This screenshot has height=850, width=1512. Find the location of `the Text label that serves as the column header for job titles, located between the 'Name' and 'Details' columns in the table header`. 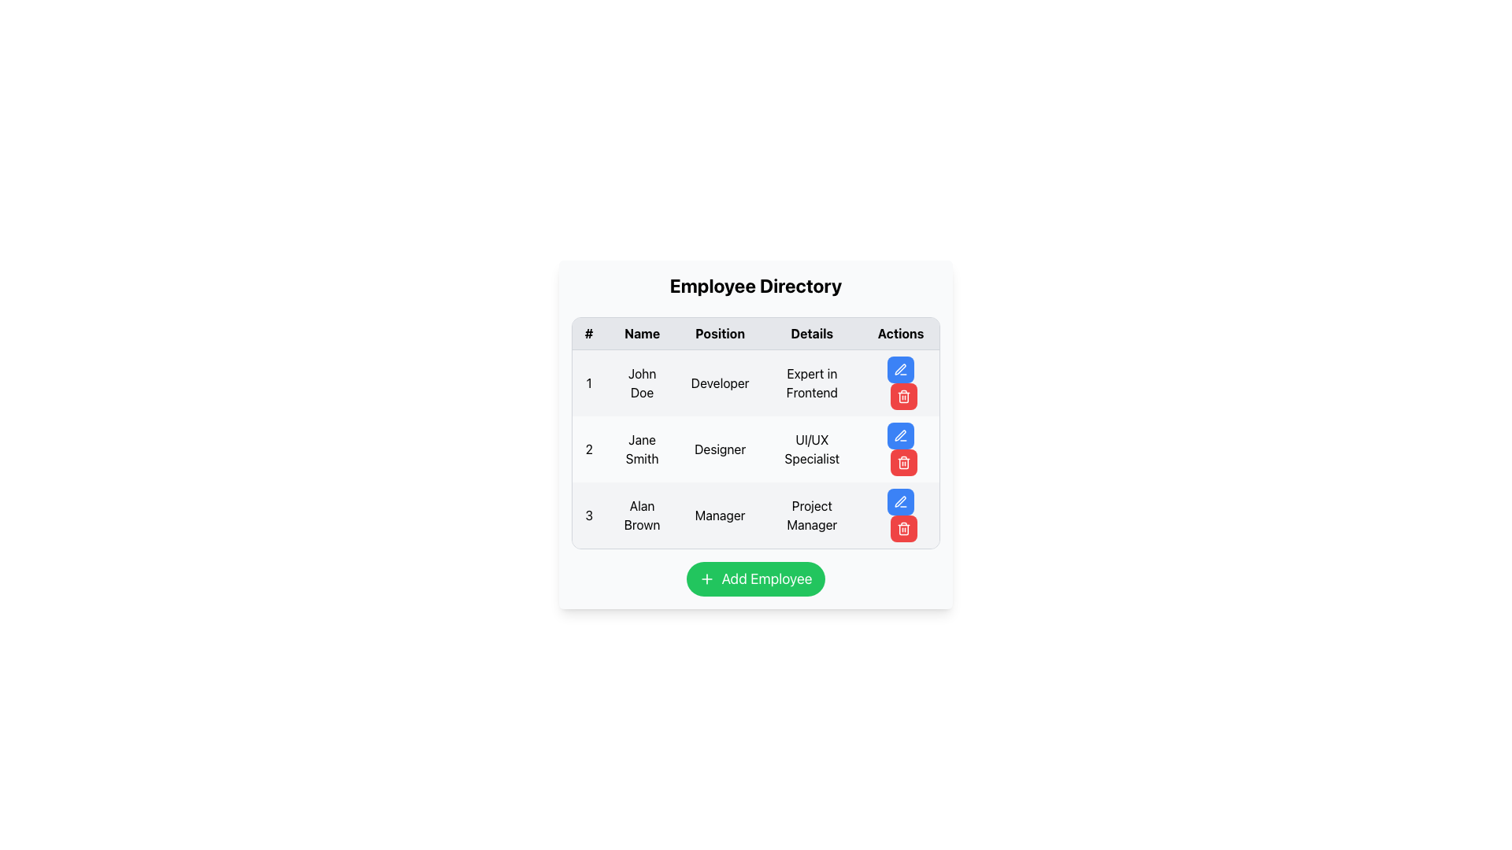

the Text label that serves as the column header for job titles, located between the 'Name' and 'Details' columns in the table header is located at coordinates (719, 333).